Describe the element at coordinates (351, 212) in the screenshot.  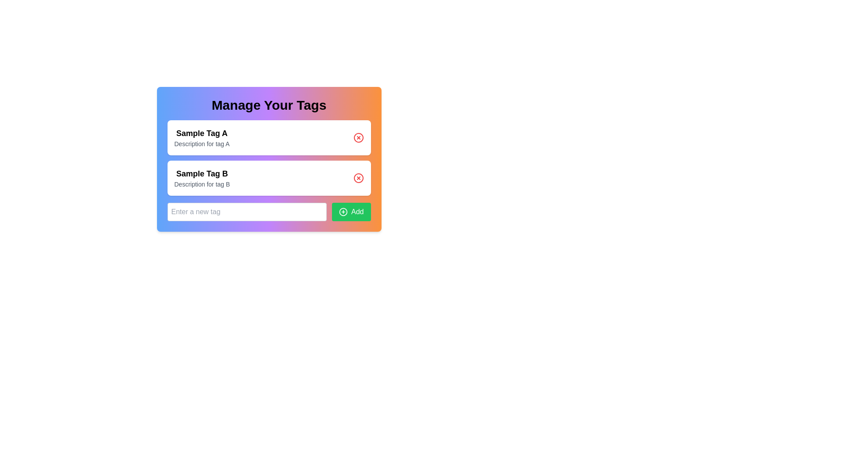
I see `the button that adds a new tag, located in the bottom-right corner of the card layout` at that location.